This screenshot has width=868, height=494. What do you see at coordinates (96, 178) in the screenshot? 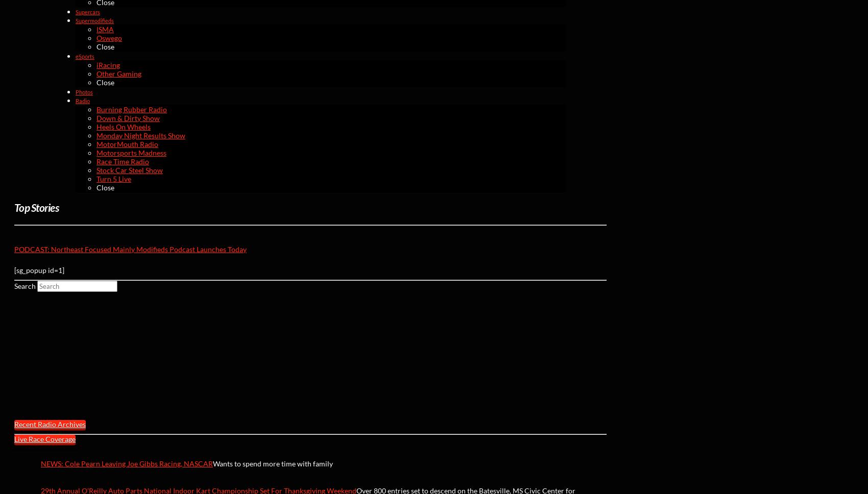
I see `'Turn 5 Live'` at bounding box center [96, 178].